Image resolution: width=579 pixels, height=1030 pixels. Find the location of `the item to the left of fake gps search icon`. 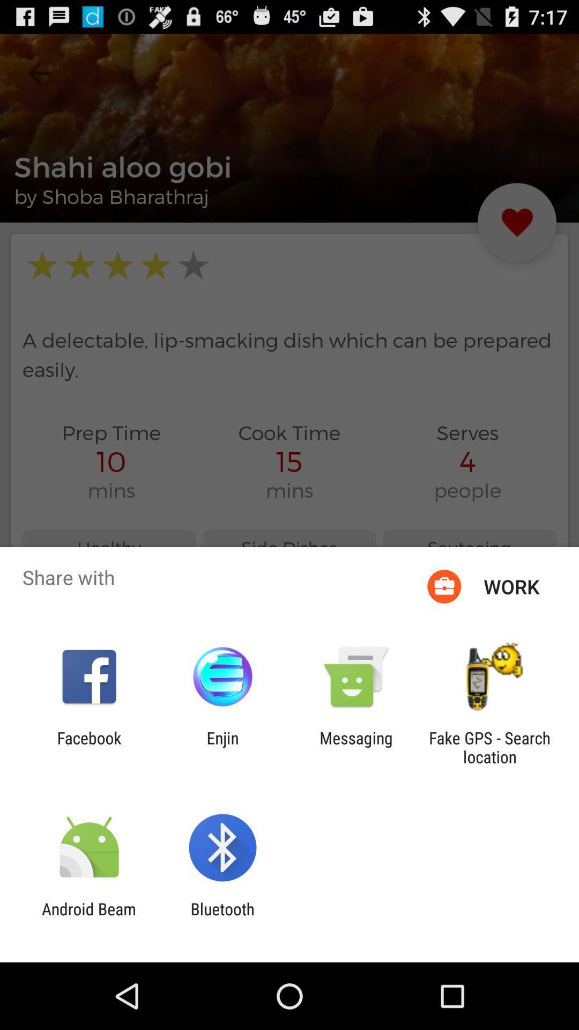

the item to the left of fake gps search icon is located at coordinates (356, 747).